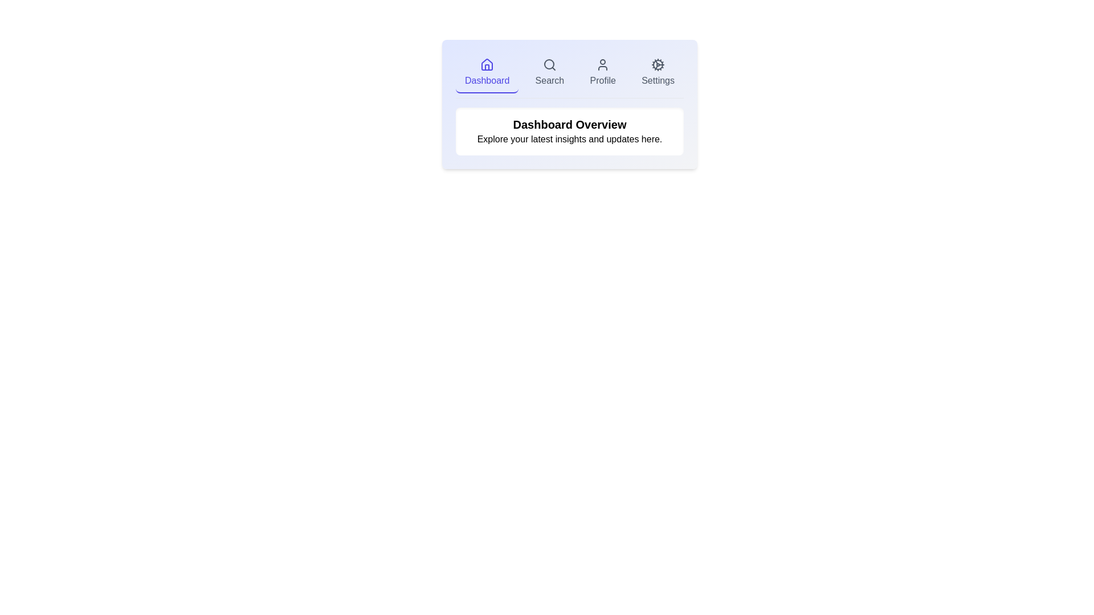 Image resolution: width=1094 pixels, height=615 pixels. Describe the element at coordinates (658, 65) in the screenshot. I see `the circular icon located at the center of the settings cogwheel, which is the last button in the navigation bar` at that location.